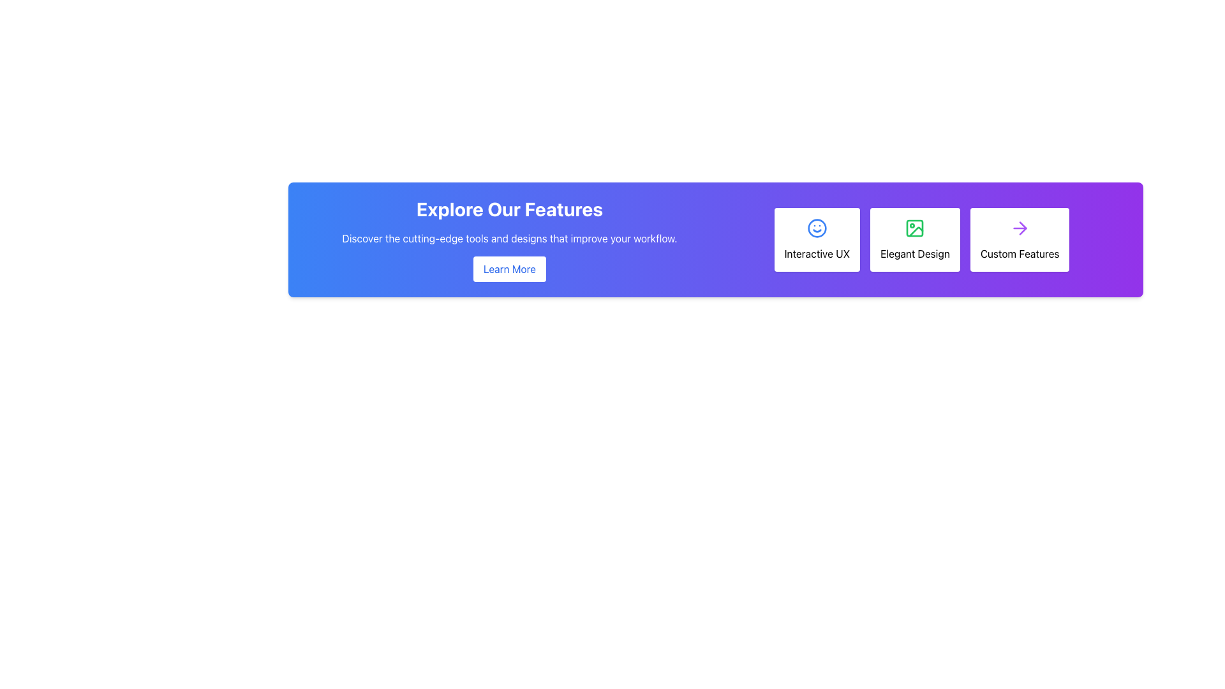 Image resolution: width=1225 pixels, height=689 pixels. I want to click on the Decorative Icon, which is a green outline of an image icon with a mountain and a sun, located directly above the text 'Elegant Design' in the middle of the three feature cards displayed to the right, so click(914, 228).